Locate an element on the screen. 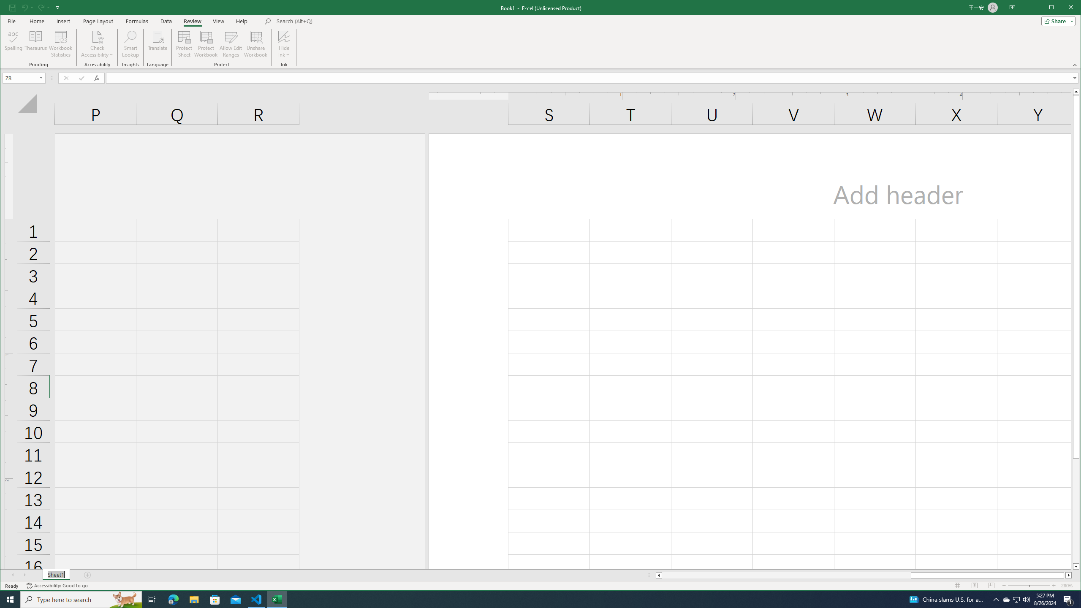 The height and width of the screenshot is (608, 1081). 'File Explorer' is located at coordinates (193, 599).